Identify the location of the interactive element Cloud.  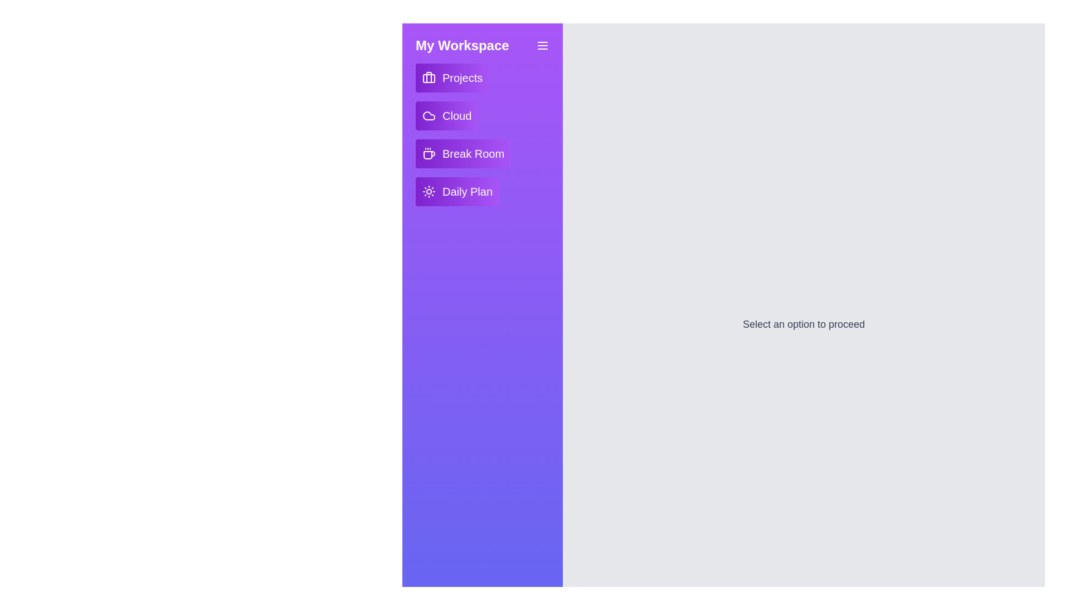
(447, 116).